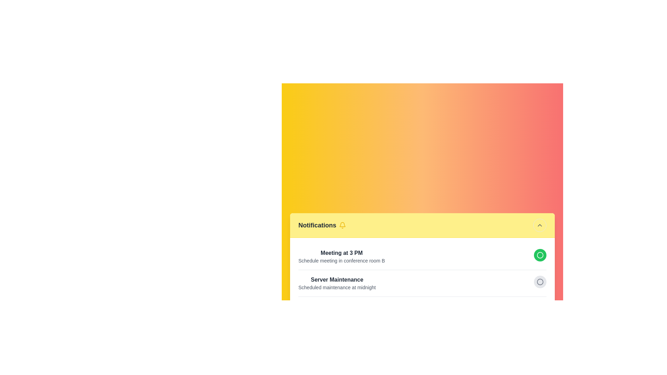 Image resolution: width=667 pixels, height=375 pixels. Describe the element at coordinates (540, 255) in the screenshot. I see `the circular icon with a thin black border and white center, located within the green circular button of the second notification item next to the text 'Meeting at 3 PM'` at that location.